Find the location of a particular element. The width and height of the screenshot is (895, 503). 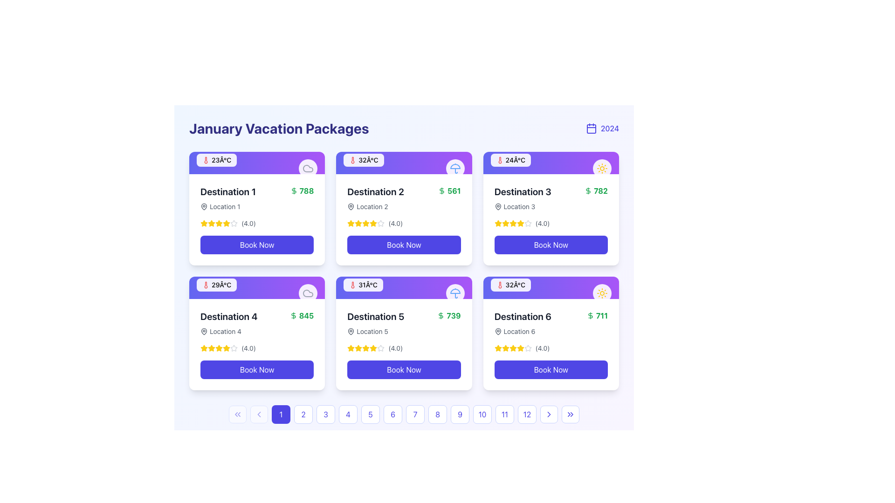

the text label displaying 'Destination 3', which is styled in bold and located in the first row of the second column, above 'Location 3' and next to the 'Book Now' button is located at coordinates (523, 191).